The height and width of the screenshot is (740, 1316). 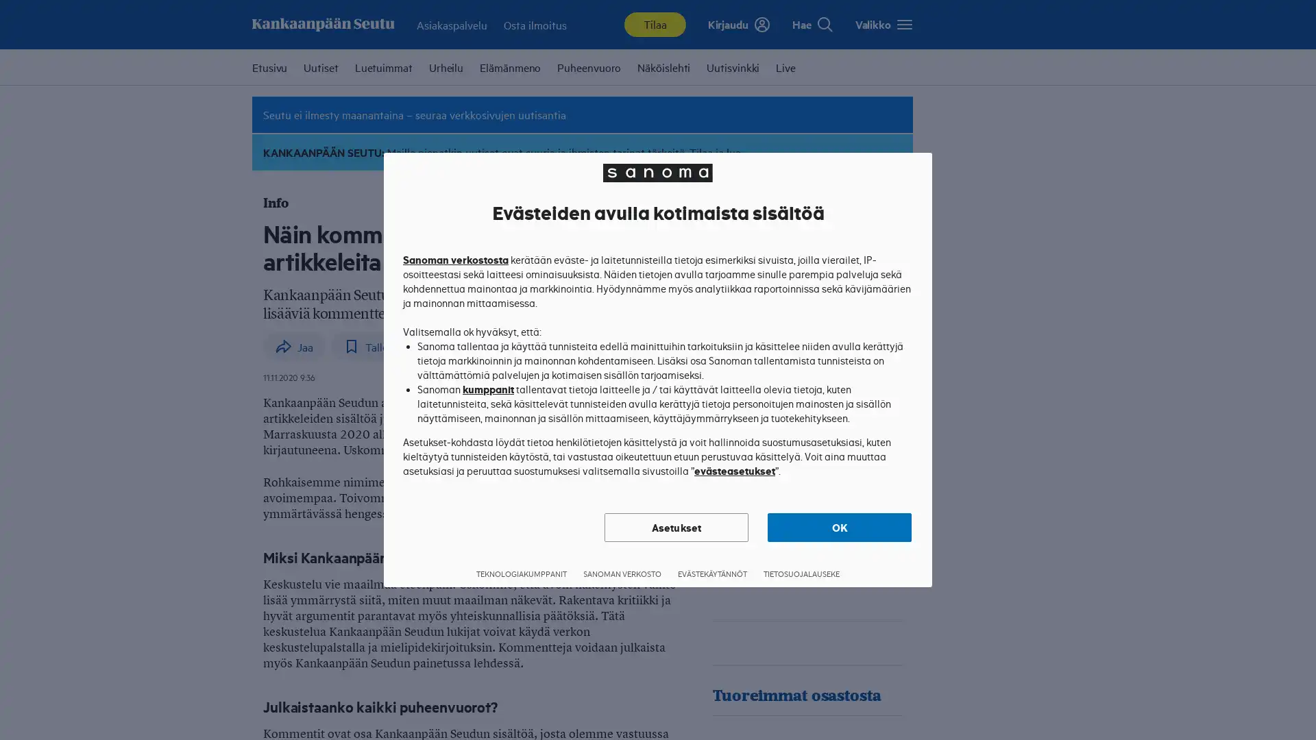 What do you see at coordinates (293, 345) in the screenshot?
I see `Jaa` at bounding box center [293, 345].